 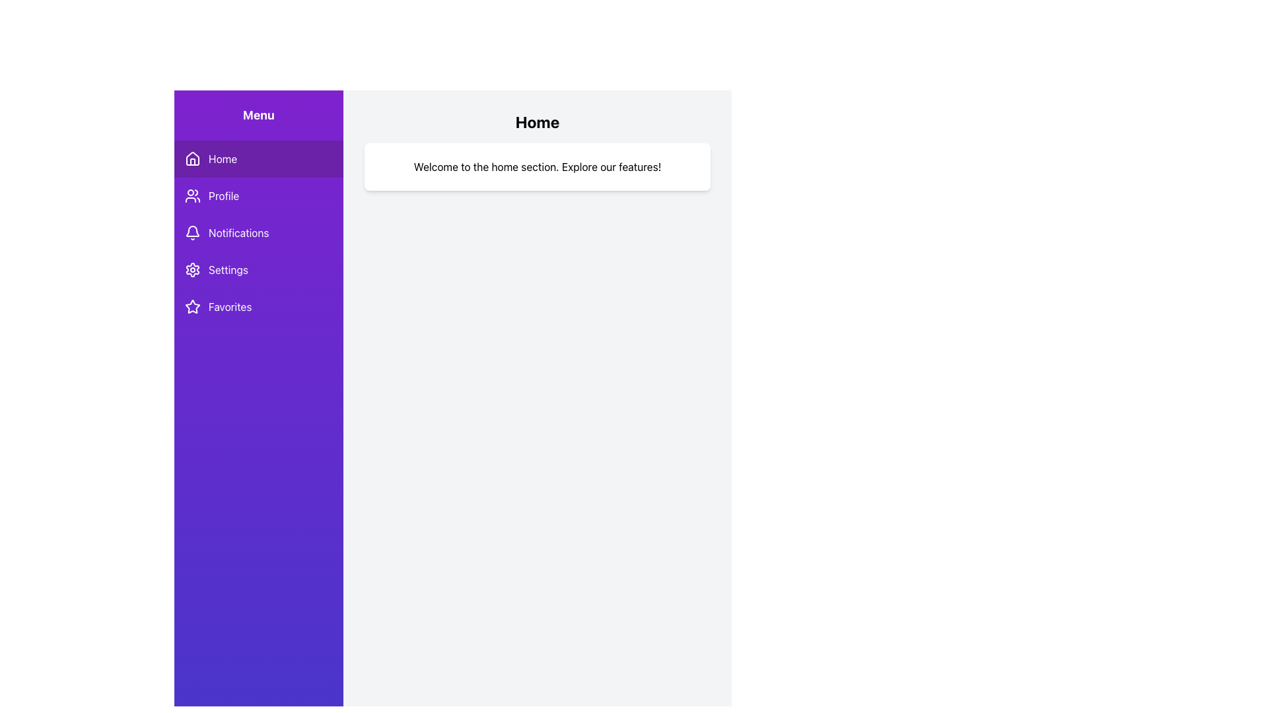 What do you see at coordinates (259, 269) in the screenshot?
I see `the 'Settings' button in the navigation menu` at bounding box center [259, 269].